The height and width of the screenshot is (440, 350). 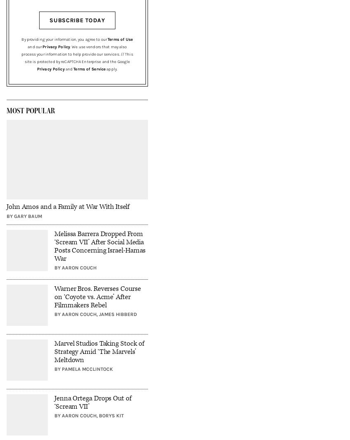 What do you see at coordinates (31, 110) in the screenshot?
I see `'Most Popular'` at bounding box center [31, 110].